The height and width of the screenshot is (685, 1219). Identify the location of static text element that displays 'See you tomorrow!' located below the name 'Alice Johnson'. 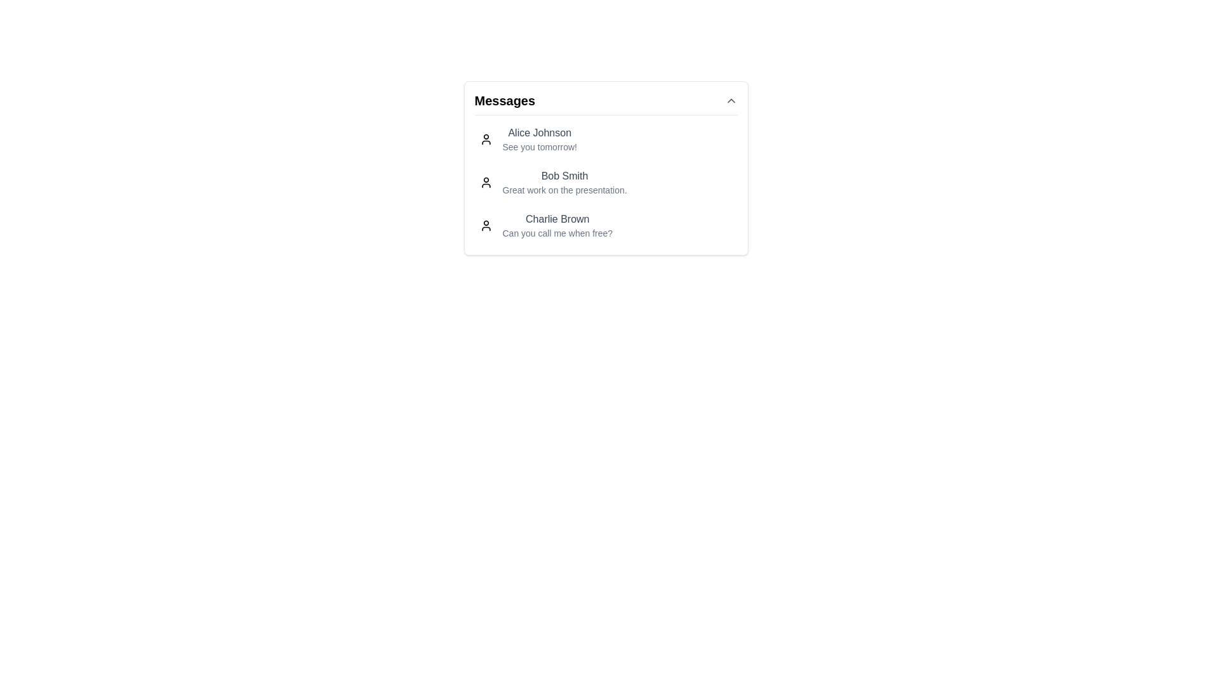
(540, 146).